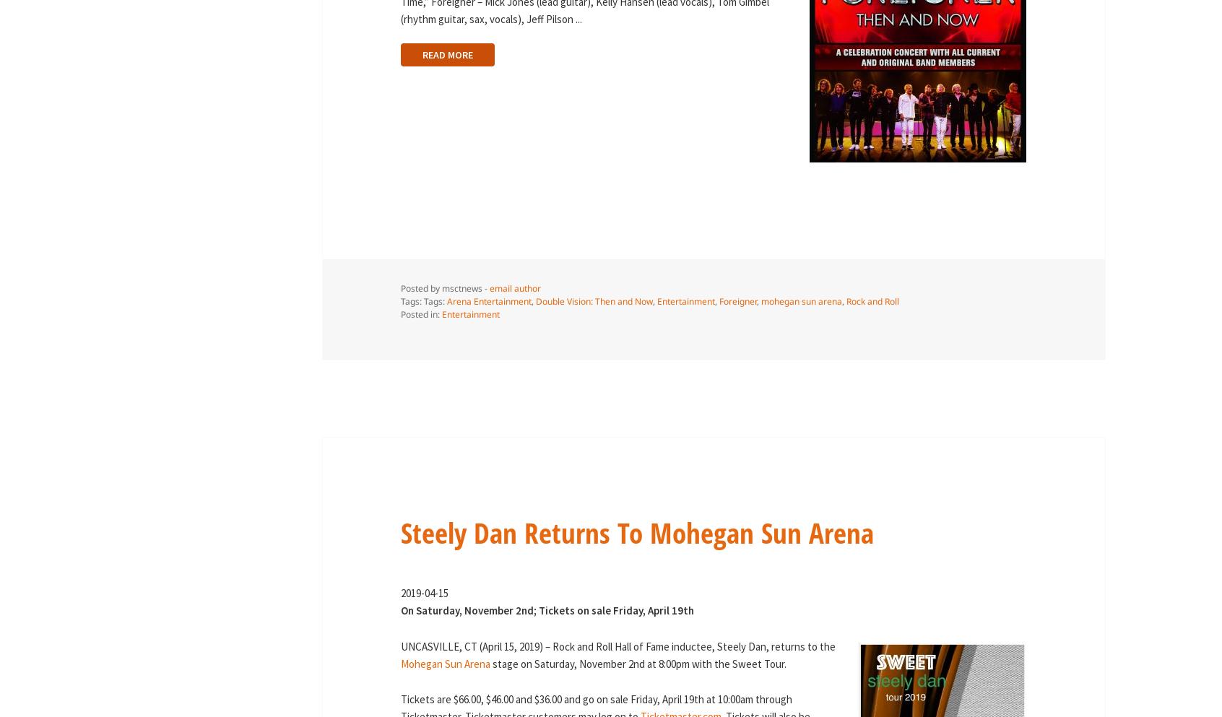  What do you see at coordinates (637, 662) in the screenshot?
I see `'stage on Saturday, November 2nd at 8:00pm with the Sweet Tour.'` at bounding box center [637, 662].